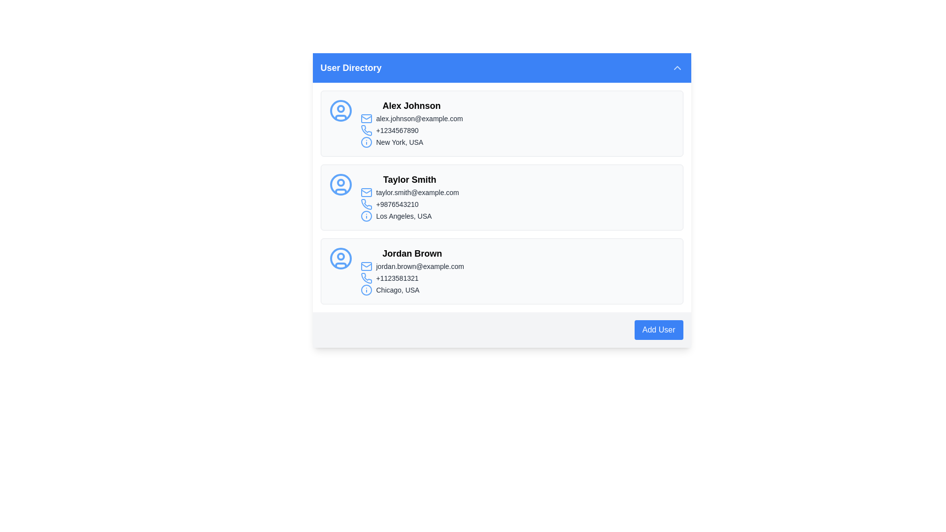 Image resolution: width=946 pixels, height=532 pixels. I want to click on the small circular SVG icon with a blue outline and white interior that features an 'i' symbol, located next to the location text for Taylor Smith in the User Directory card, so click(366, 216).